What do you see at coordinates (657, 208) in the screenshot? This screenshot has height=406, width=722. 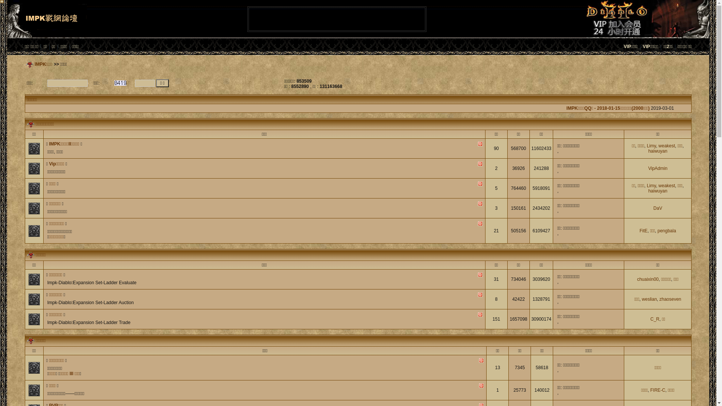 I see `'DaV'` at bounding box center [657, 208].